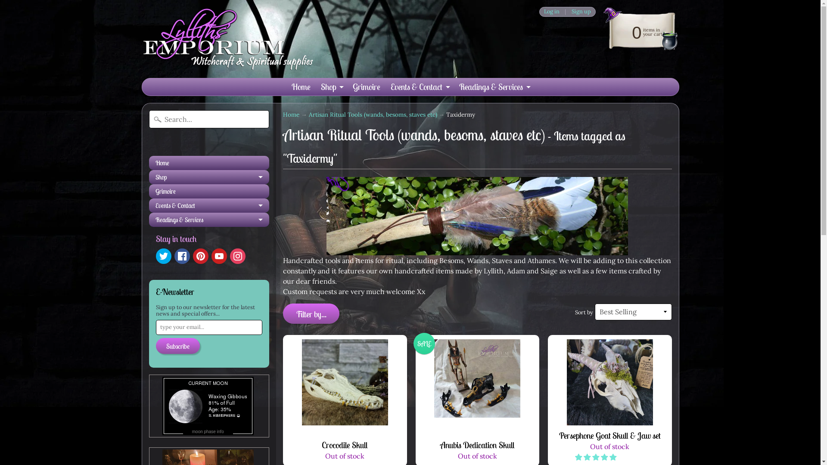 The image size is (827, 465). I want to click on 'Readings & Services', so click(209, 219).